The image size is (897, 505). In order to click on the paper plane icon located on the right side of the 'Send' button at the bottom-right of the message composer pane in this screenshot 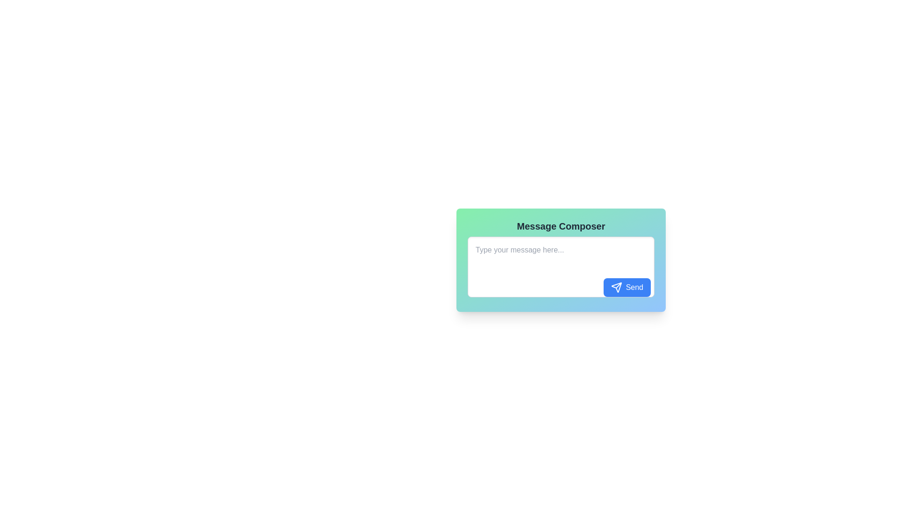, I will do `click(616, 287)`.